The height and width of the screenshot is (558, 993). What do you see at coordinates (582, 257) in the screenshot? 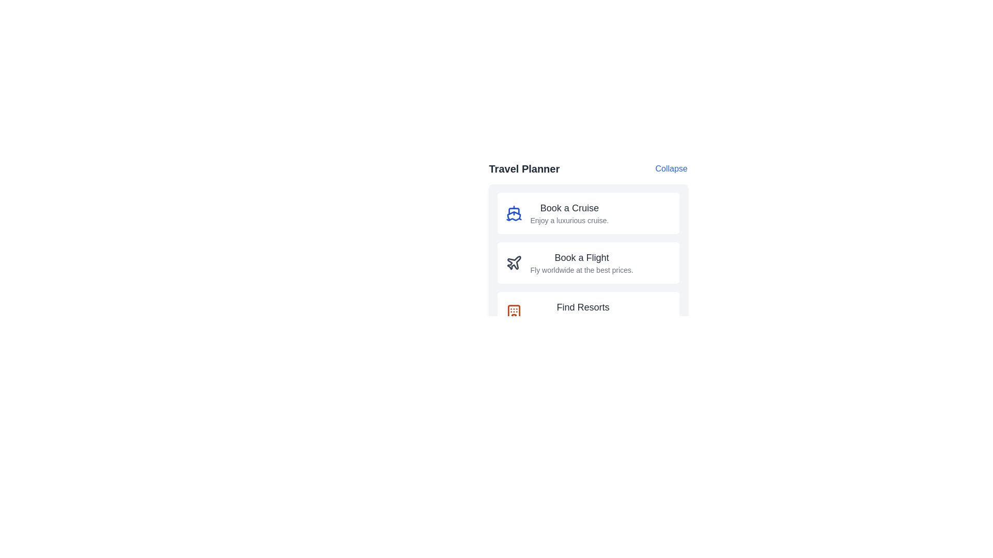
I see `the text label displaying 'Book a Flight' which is part of the travel options panel, located directly below 'Book a Cruise' and above 'Find Resorts'` at bounding box center [582, 257].